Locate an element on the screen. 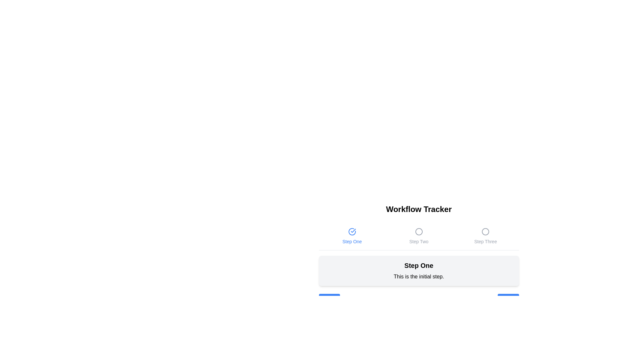 The width and height of the screenshot is (632, 355). the Step Indicator labeled 'Step Three', which features a circular icon and a text label, for visual feedback is located at coordinates (486, 236).